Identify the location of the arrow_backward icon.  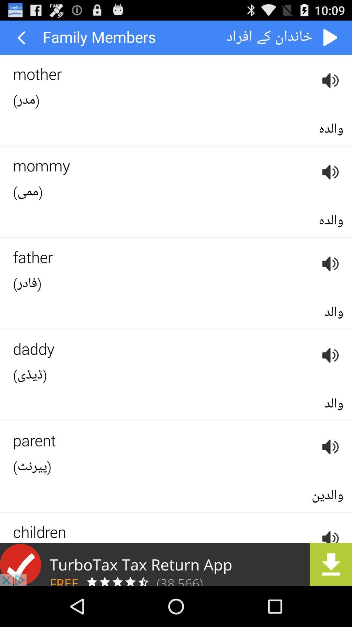
(21, 40).